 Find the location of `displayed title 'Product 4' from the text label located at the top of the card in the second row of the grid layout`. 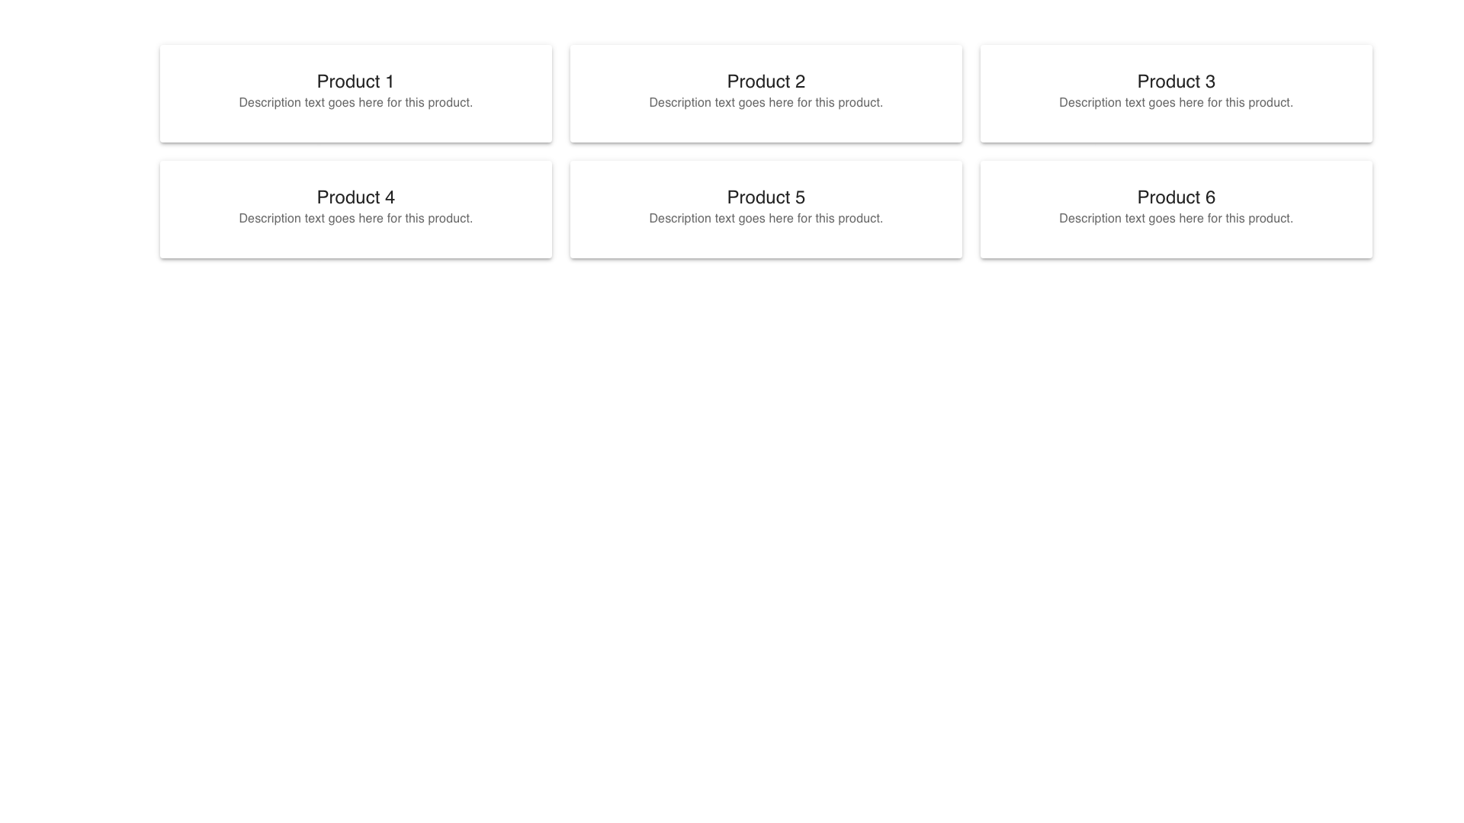

displayed title 'Product 4' from the text label located at the top of the card in the second row of the grid layout is located at coordinates (355, 196).